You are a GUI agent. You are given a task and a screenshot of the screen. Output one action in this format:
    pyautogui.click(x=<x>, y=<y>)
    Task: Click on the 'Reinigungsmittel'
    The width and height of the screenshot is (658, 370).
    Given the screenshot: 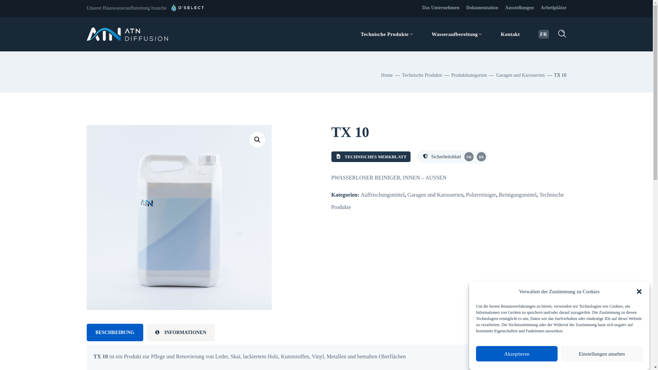 What is the action you would take?
    pyautogui.click(x=517, y=195)
    